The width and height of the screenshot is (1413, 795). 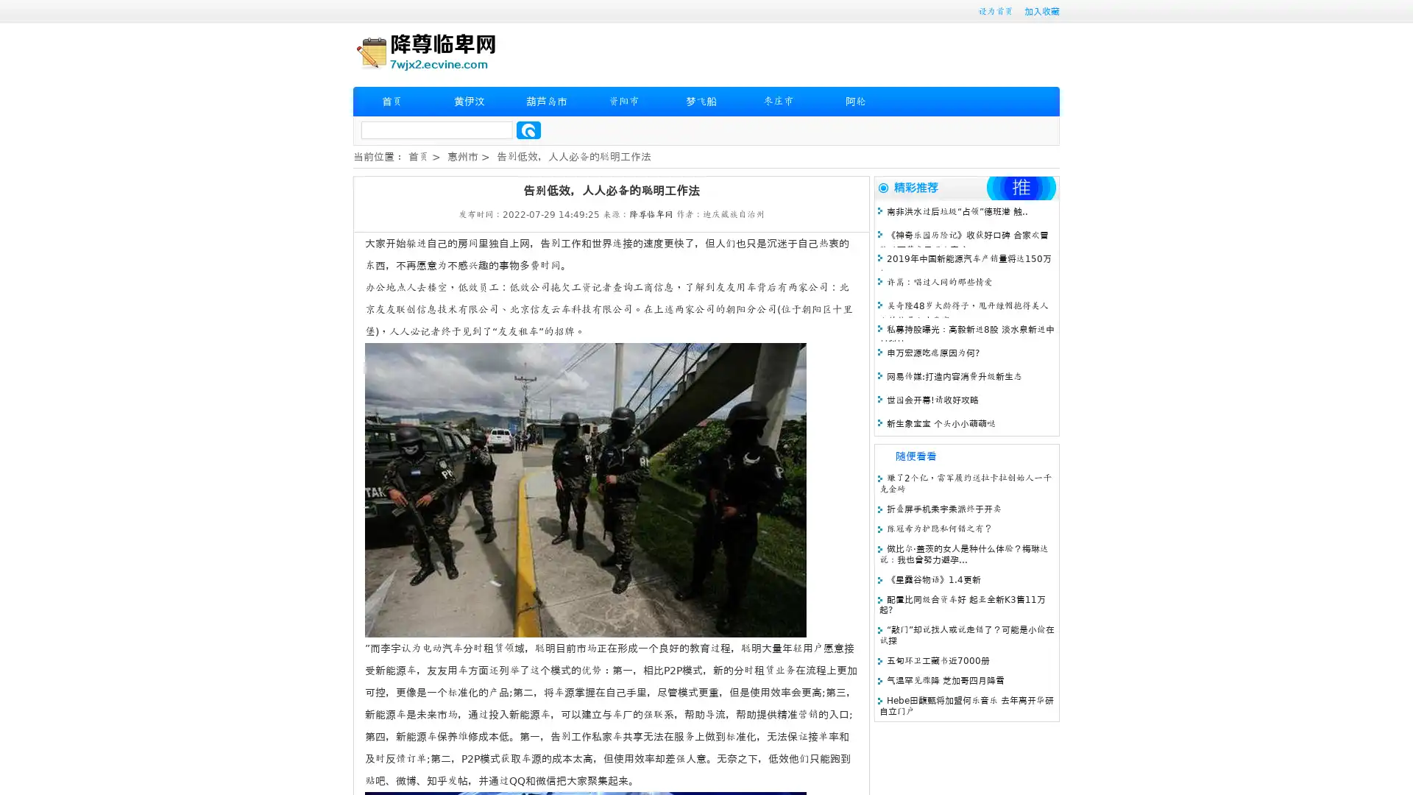 What do you see at coordinates (528, 130) in the screenshot?
I see `Search` at bounding box center [528, 130].